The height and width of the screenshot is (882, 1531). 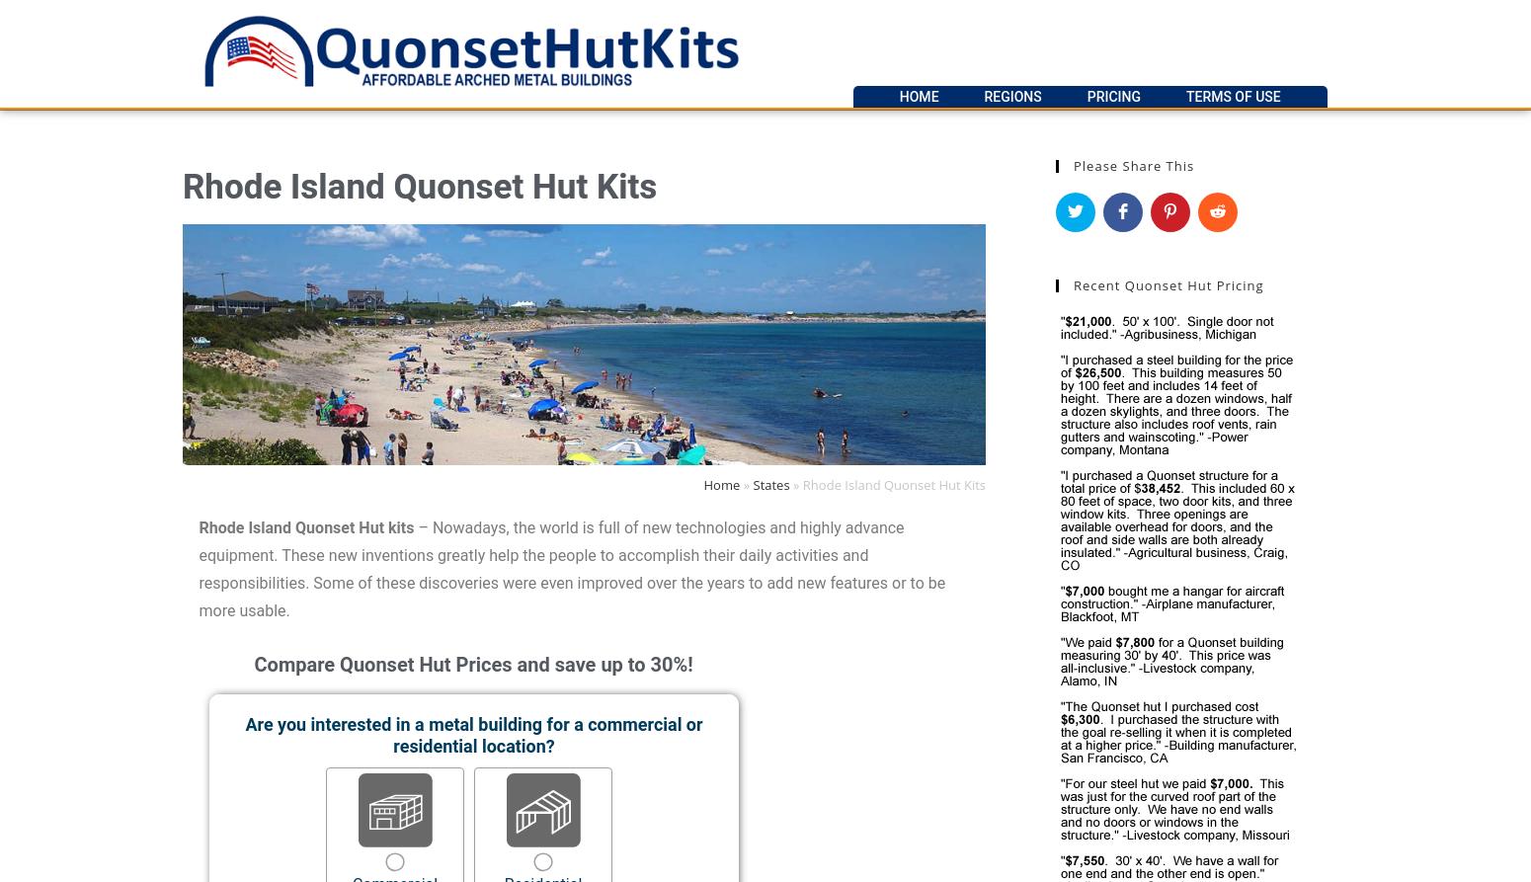 What do you see at coordinates (198, 567) in the screenshot?
I see `'– Nowadays, the world is full of new technologies and highly advance equipment. These new inventions greatly help the people to accomplish their daily activities and responsibilities. Some of these discoveries were even improved over the years to add new features or to be more usable.'` at bounding box center [198, 567].